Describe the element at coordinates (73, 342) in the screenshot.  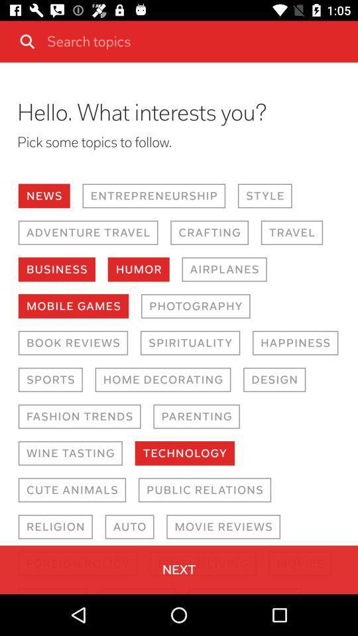
I see `item next to the spirituality icon` at that location.